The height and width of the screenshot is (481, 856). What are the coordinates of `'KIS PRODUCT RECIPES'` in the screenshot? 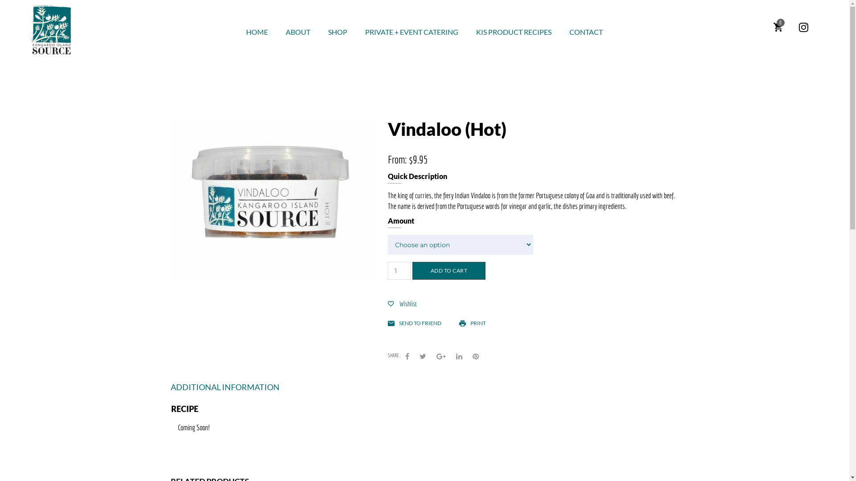 It's located at (514, 32).